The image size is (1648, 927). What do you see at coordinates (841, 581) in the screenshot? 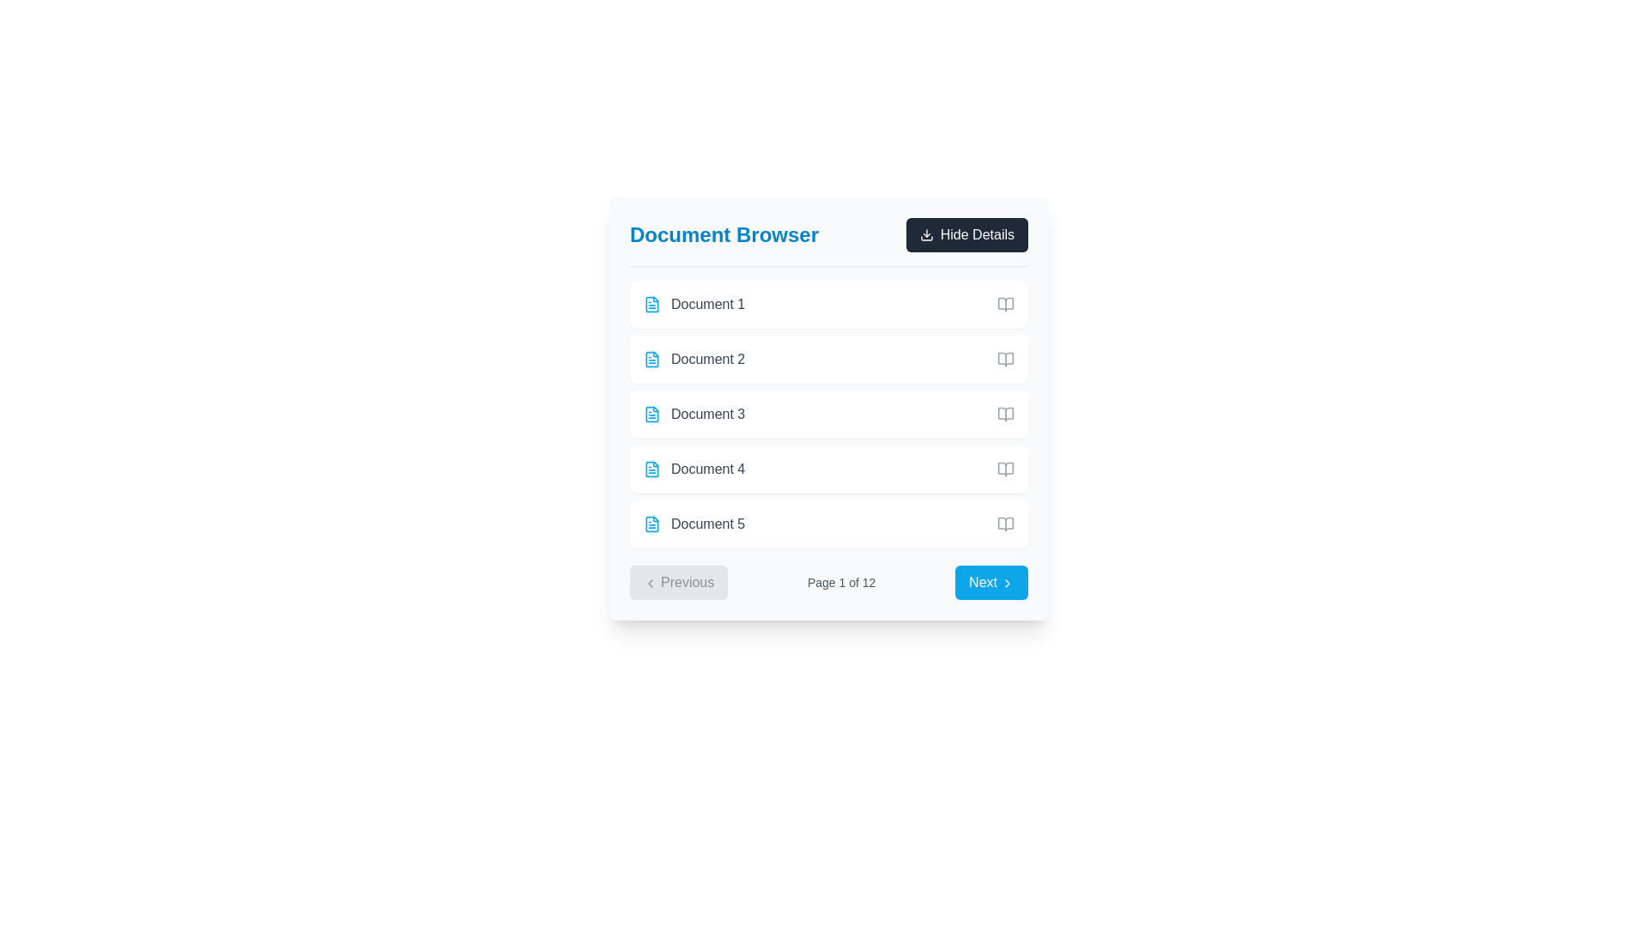
I see `the text label that displays the current page number and total number of pages in the pagination bar, located between the 'Previous' and 'Next' buttons` at bounding box center [841, 581].